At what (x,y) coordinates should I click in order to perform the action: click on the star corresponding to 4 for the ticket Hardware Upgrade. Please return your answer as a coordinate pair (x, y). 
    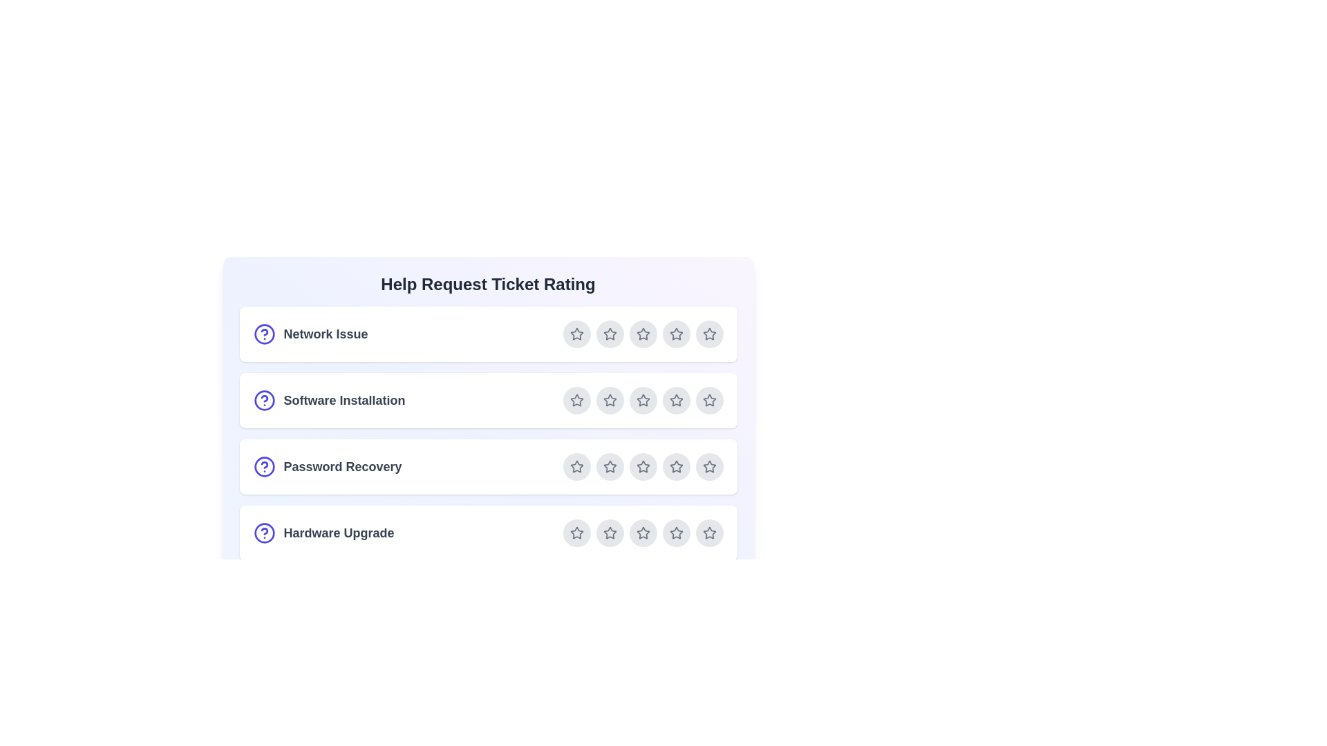
    Looking at the image, I should click on (676, 532).